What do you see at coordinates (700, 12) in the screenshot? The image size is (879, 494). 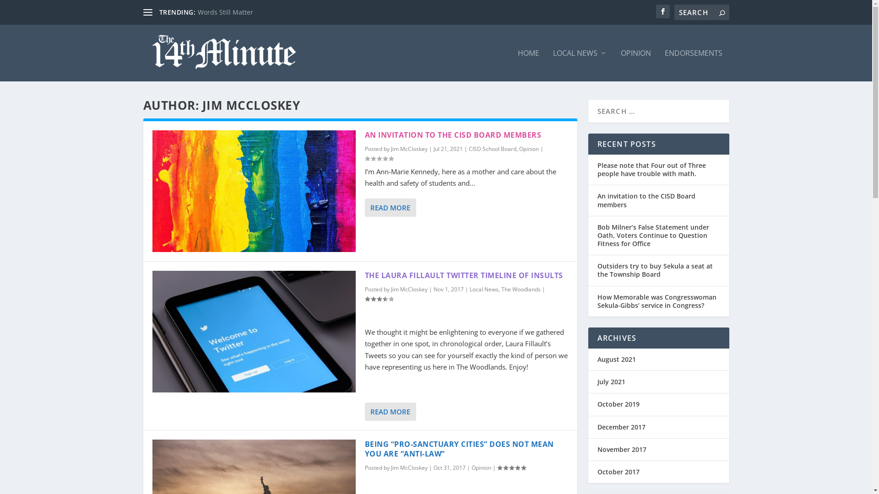 I see `'Search for:'` at bounding box center [700, 12].